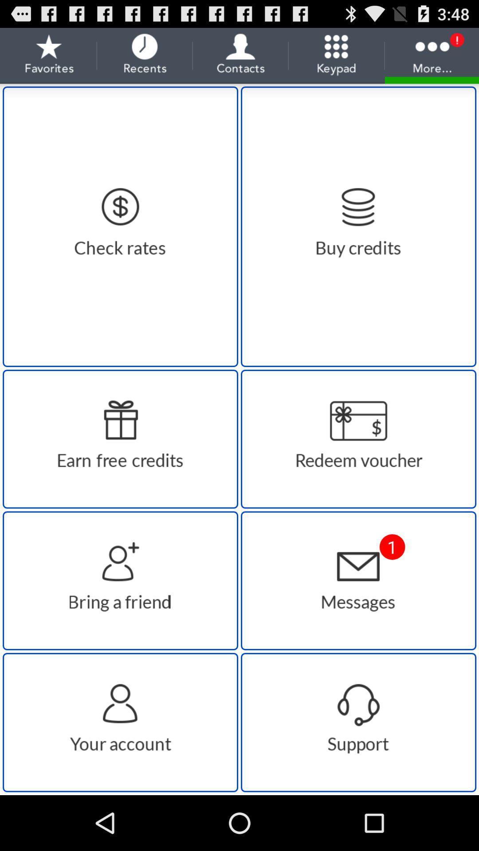 This screenshot has width=479, height=851. I want to click on buy credits, so click(358, 226).